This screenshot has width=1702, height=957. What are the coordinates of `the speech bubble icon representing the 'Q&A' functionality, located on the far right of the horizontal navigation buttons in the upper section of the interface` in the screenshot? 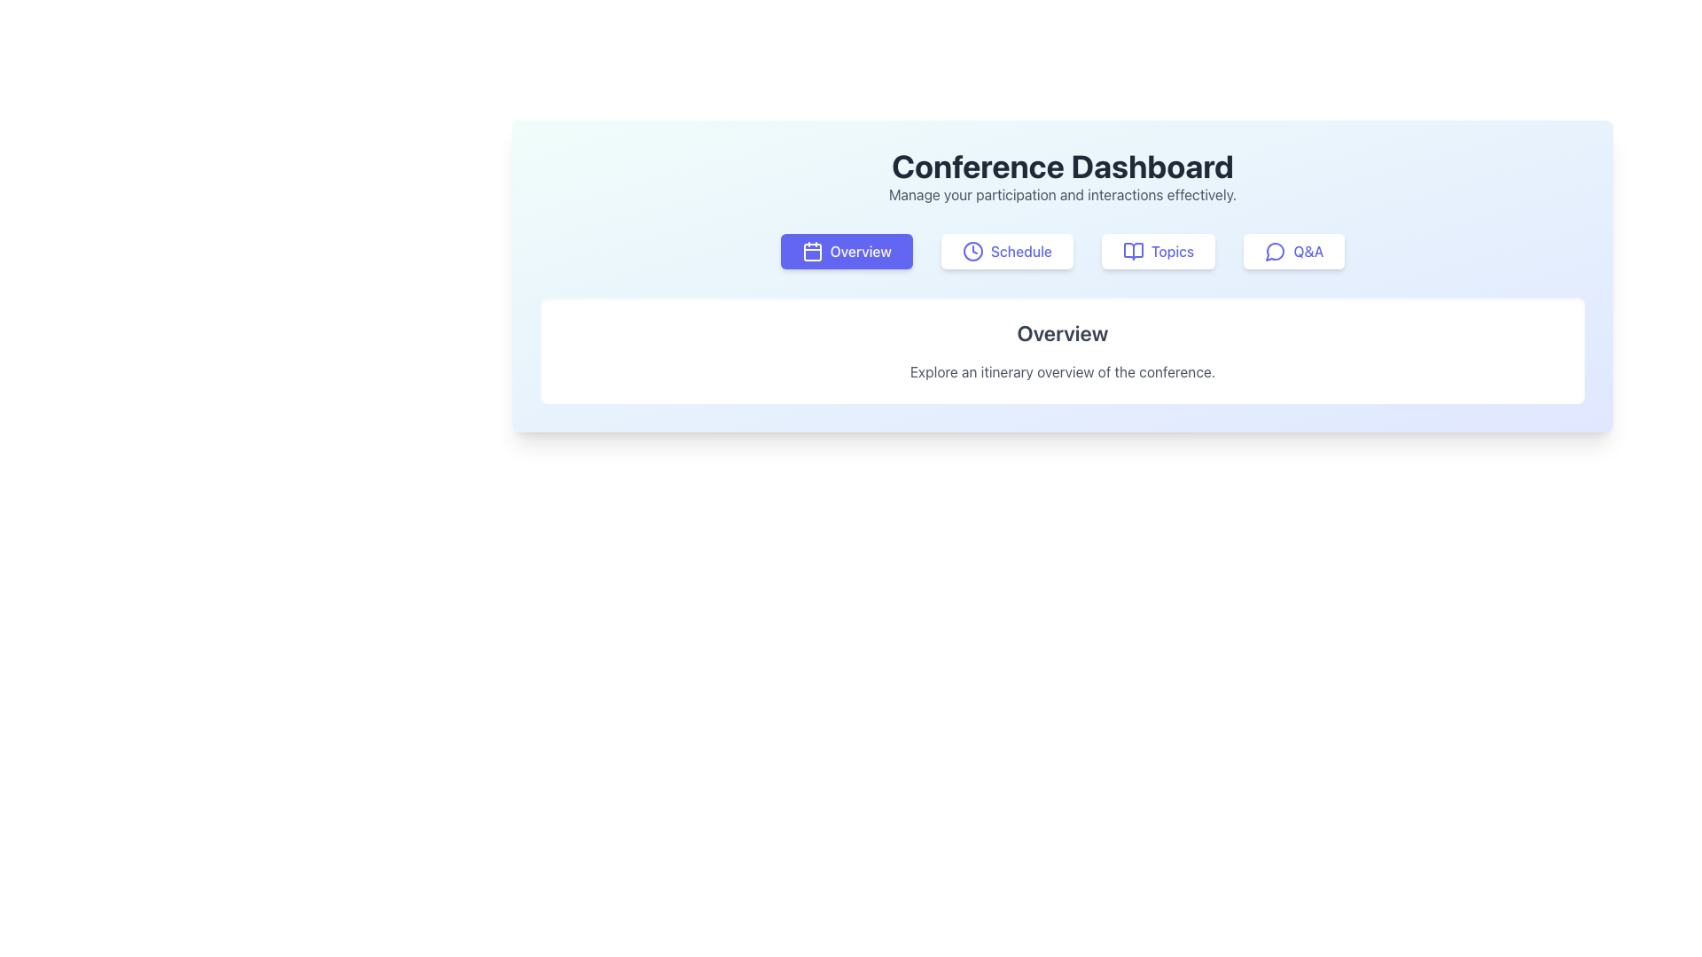 It's located at (1274, 252).